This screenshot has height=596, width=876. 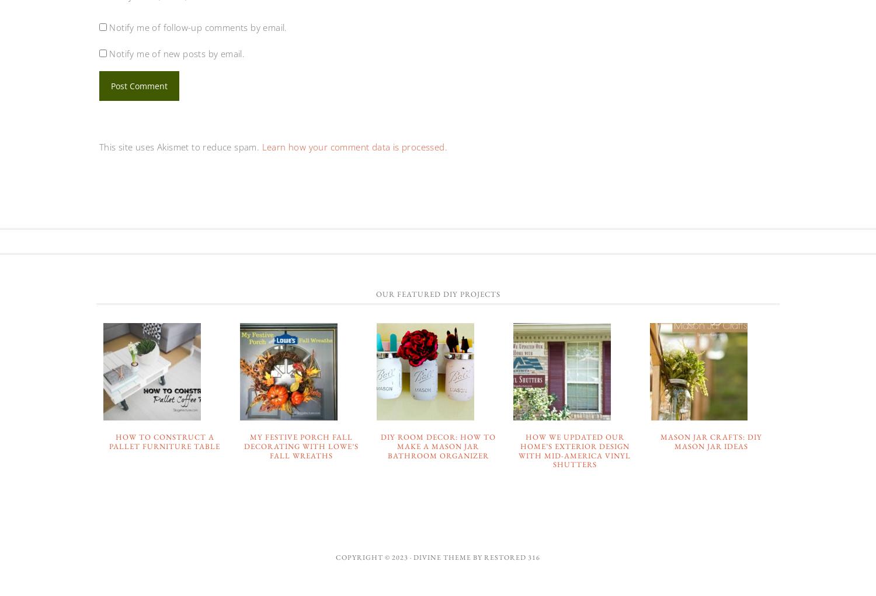 I want to click on 'Copyright © 2023 ·', so click(x=374, y=556).